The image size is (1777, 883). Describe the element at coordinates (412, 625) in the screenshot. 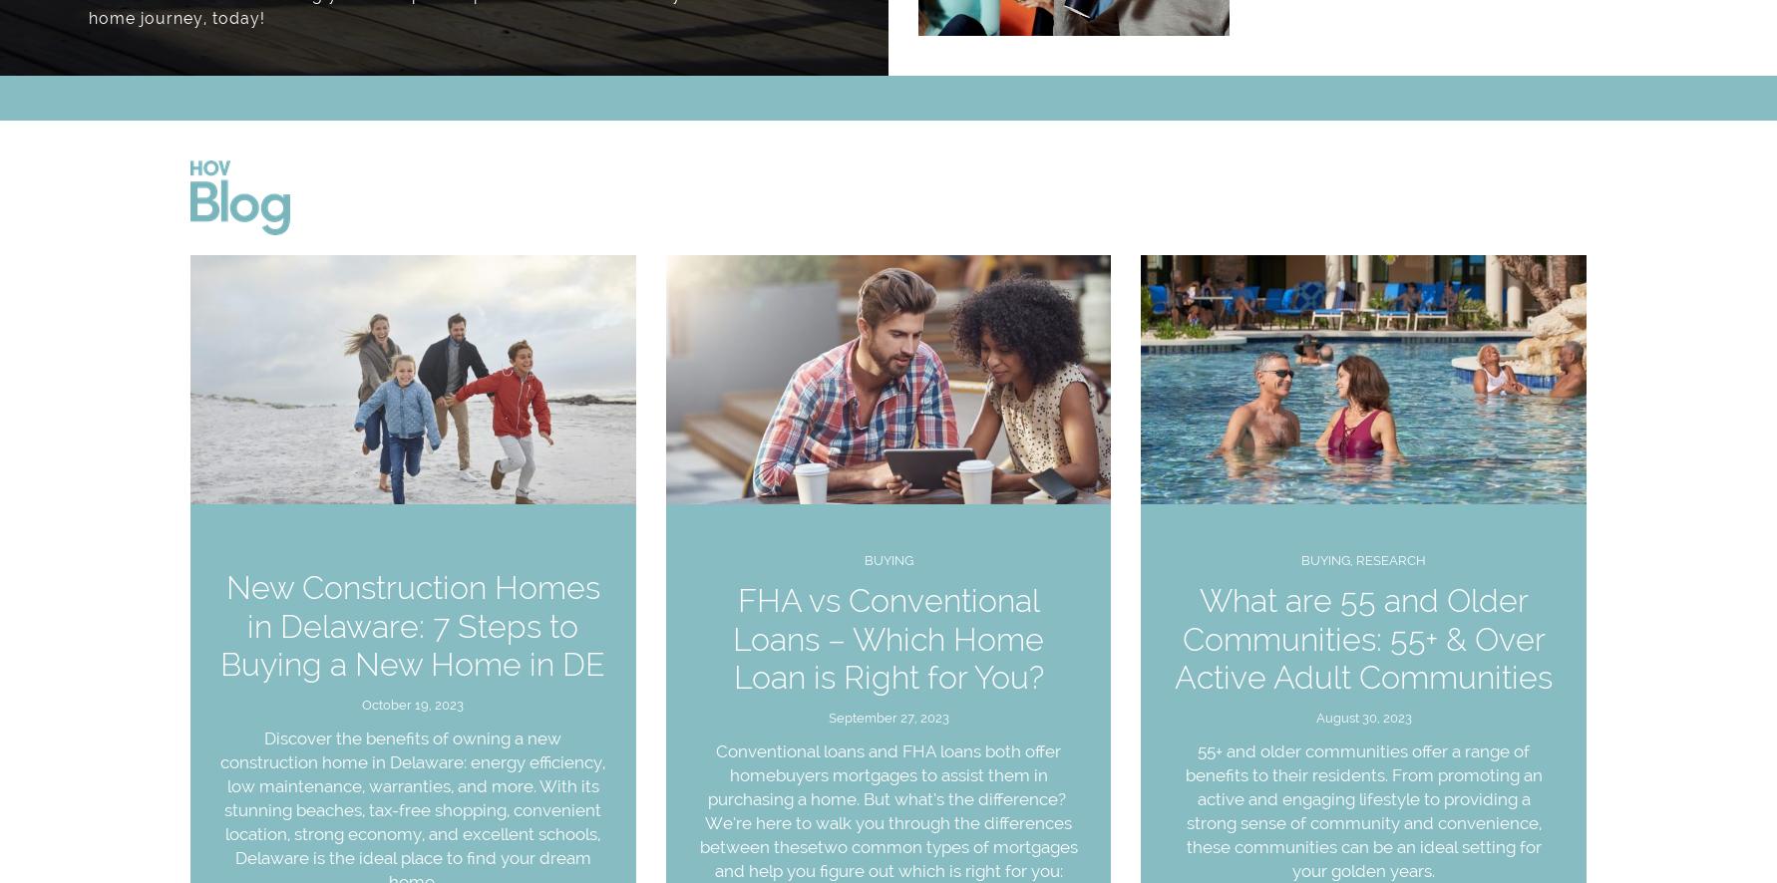

I see `'New Construction Homes in Delaware: 7 Steps to Buying a New Home in DE'` at that location.